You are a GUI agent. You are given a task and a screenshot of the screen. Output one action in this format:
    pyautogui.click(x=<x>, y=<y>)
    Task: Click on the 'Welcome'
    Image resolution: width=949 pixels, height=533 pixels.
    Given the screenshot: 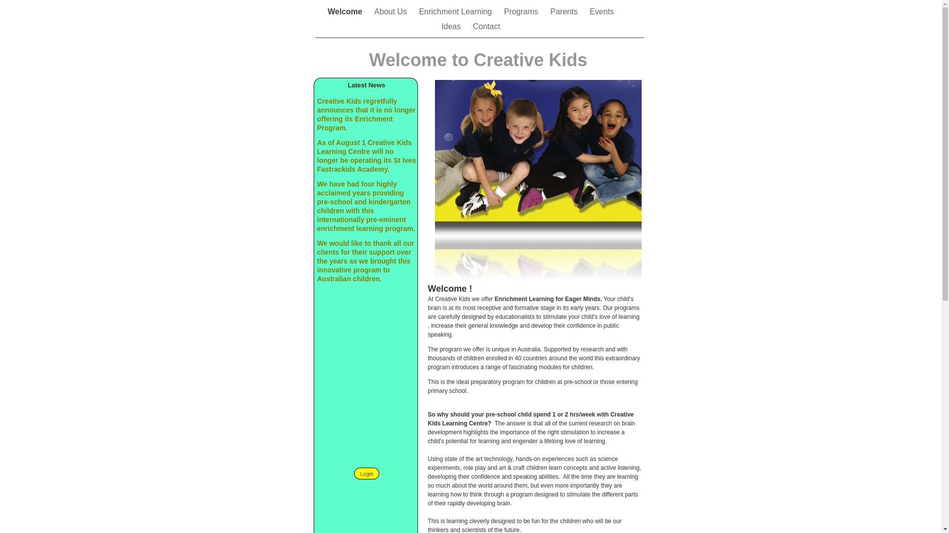 What is the action you would take?
    pyautogui.click(x=346, y=11)
    